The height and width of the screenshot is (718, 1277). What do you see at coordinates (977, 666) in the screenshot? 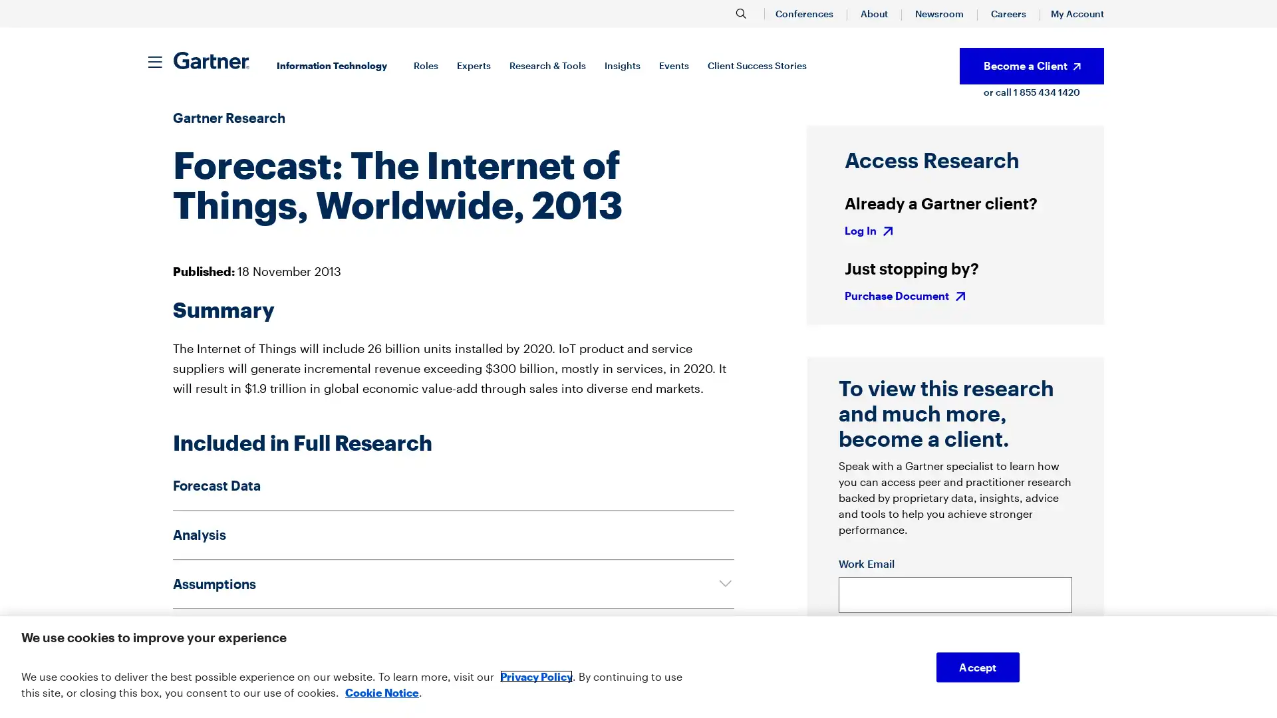
I see `Accept` at bounding box center [977, 666].